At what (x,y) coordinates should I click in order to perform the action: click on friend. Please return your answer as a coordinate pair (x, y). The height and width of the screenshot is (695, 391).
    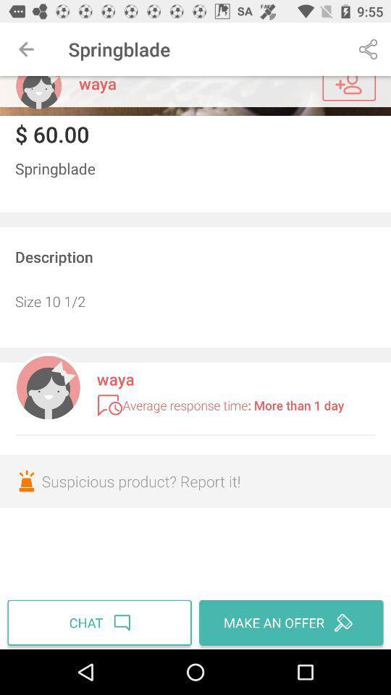
    Looking at the image, I should click on (348, 88).